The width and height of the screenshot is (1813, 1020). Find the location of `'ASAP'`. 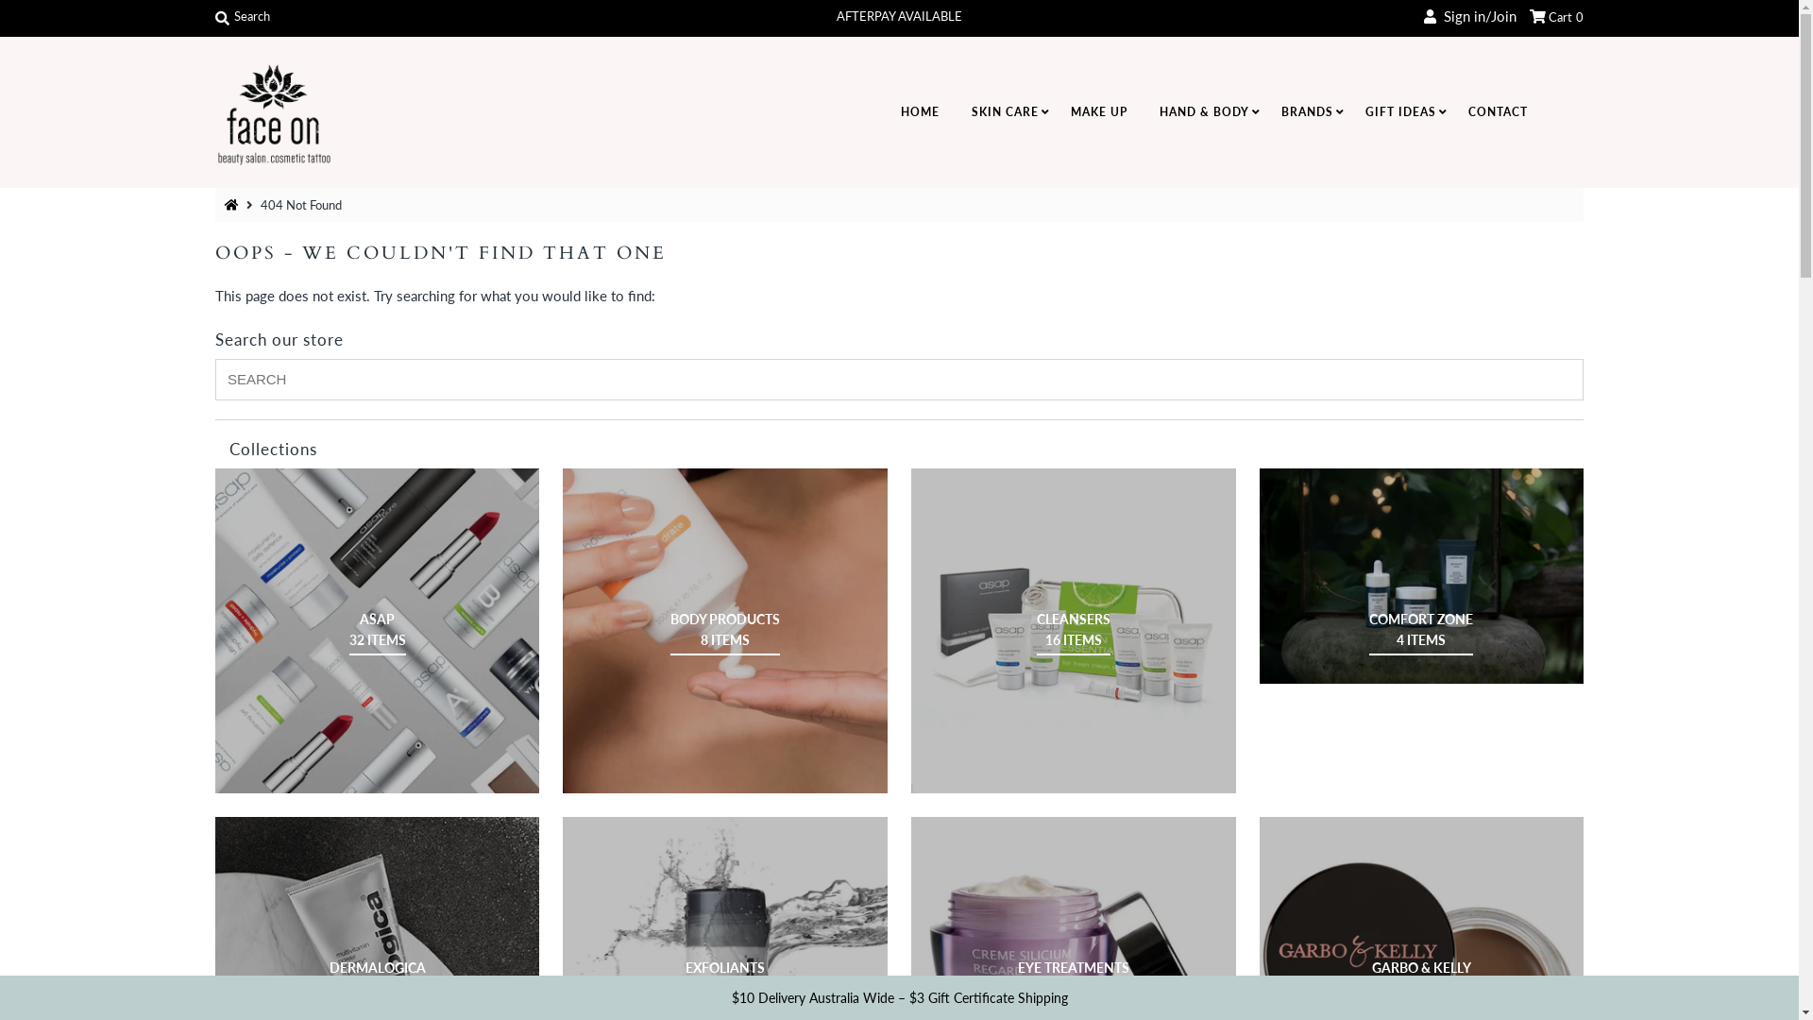

'ASAP' is located at coordinates (377, 630).